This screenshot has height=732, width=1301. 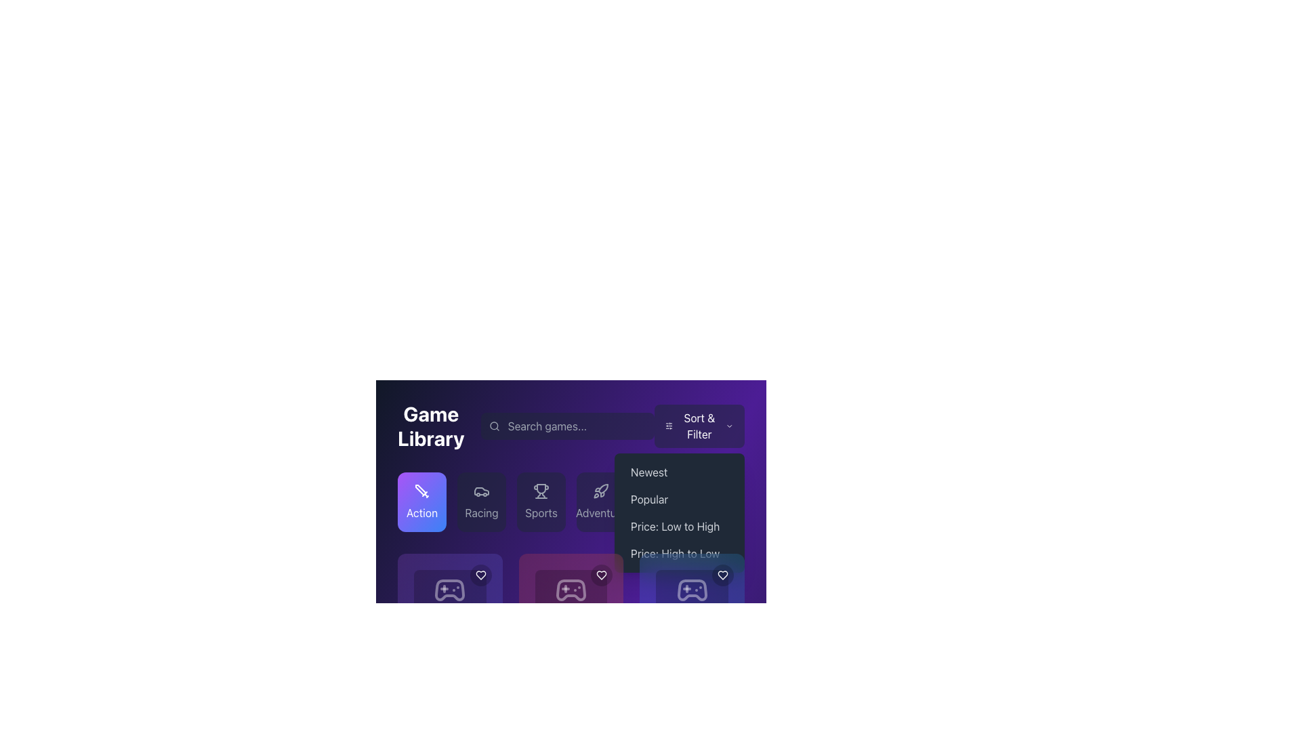 What do you see at coordinates (571, 590) in the screenshot?
I see `the game controller icon represented by a minimal outline with a cross-shaped d-pad and two circular buttons` at bounding box center [571, 590].